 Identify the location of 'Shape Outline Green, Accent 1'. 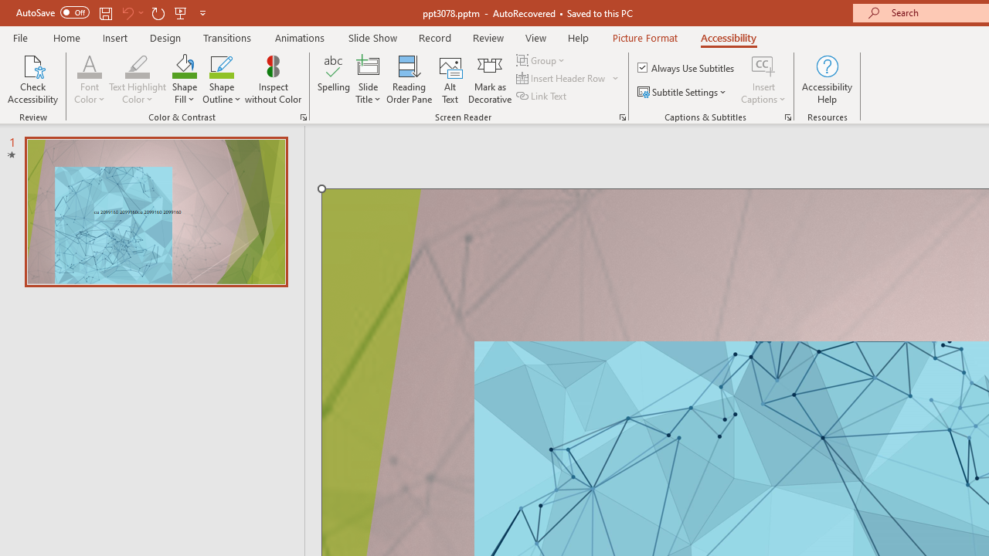
(221, 65).